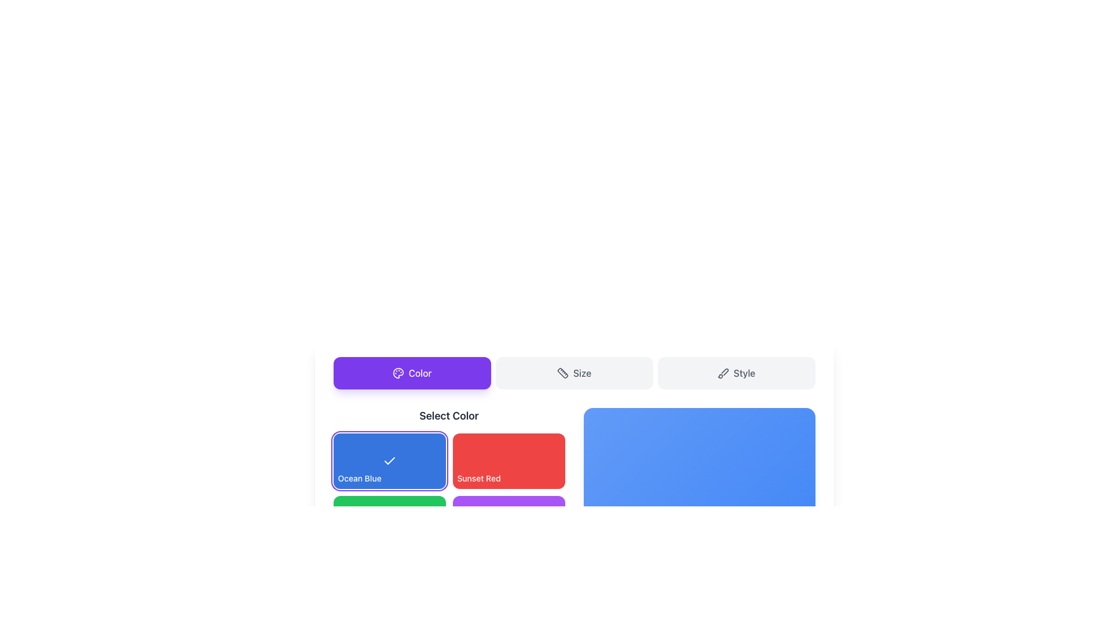 This screenshot has height=625, width=1112. I want to click on text label displaying 'Style' located in the third button of a horizontal set of buttons in the top-right part of the interface to understand the button's purpose, so click(744, 373).